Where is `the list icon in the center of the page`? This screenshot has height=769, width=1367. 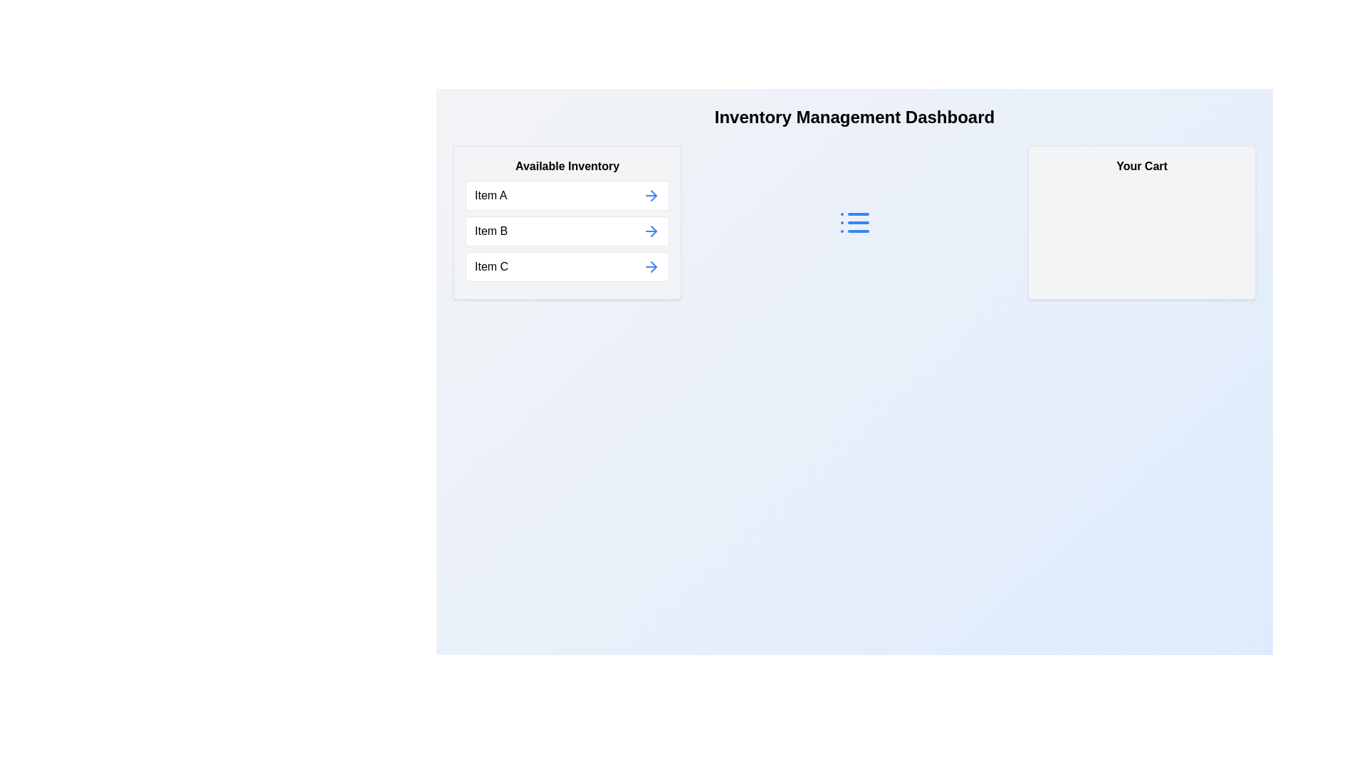
the list icon in the center of the page is located at coordinates (854, 222).